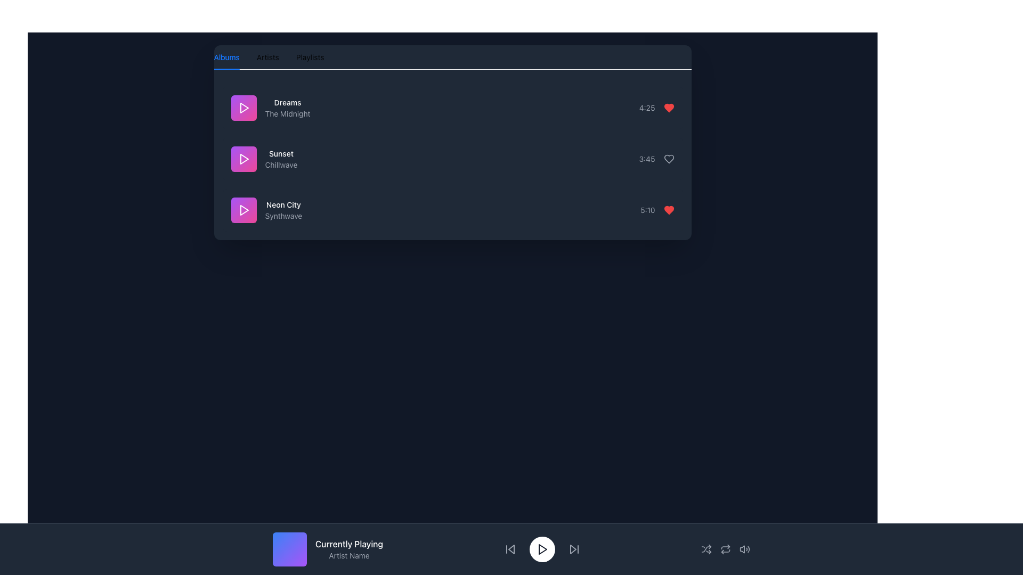 The width and height of the screenshot is (1023, 575). What do you see at coordinates (271, 108) in the screenshot?
I see `the text display that shows the title and artist information for the first media item in the list` at bounding box center [271, 108].